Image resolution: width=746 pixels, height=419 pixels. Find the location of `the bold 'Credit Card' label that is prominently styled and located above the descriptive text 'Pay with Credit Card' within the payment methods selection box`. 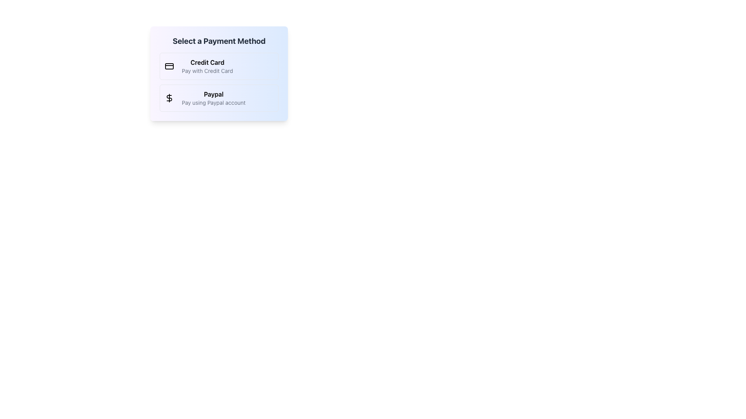

the bold 'Credit Card' label that is prominently styled and located above the descriptive text 'Pay with Credit Card' within the payment methods selection box is located at coordinates (207, 62).